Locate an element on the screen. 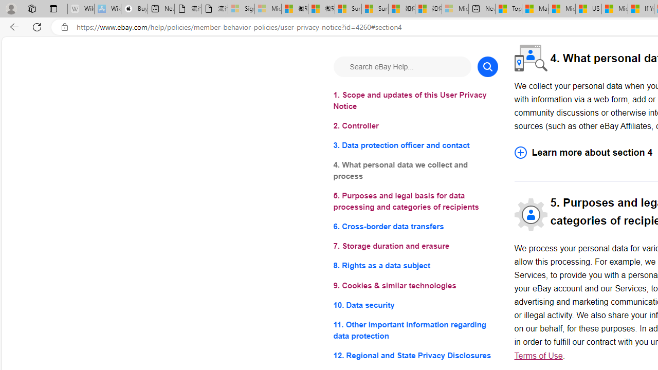 The width and height of the screenshot is (658, 370). 'Buy iPad - Apple' is located at coordinates (134, 9).